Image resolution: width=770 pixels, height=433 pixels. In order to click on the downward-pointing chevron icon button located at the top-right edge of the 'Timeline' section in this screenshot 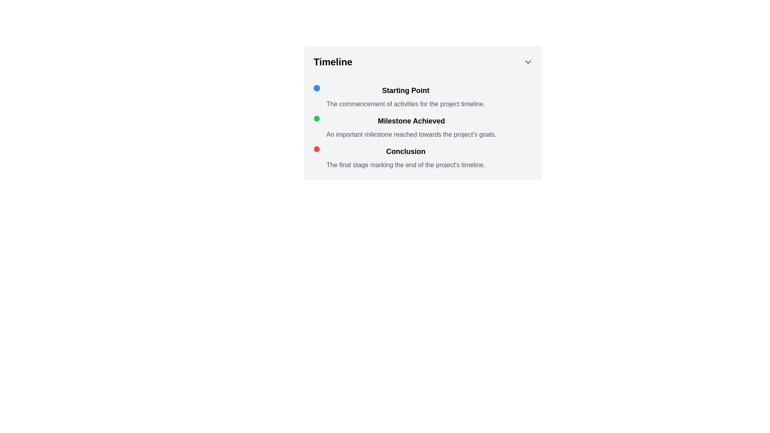, I will do `click(528, 61)`.